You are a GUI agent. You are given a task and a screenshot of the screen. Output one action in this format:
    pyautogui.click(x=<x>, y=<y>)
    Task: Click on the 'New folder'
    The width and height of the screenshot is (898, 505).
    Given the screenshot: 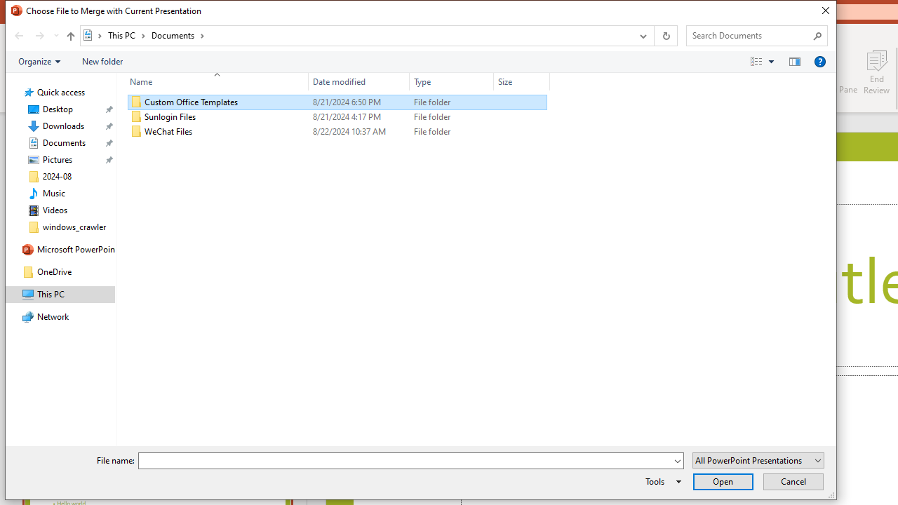 What is the action you would take?
    pyautogui.click(x=101, y=60)
    